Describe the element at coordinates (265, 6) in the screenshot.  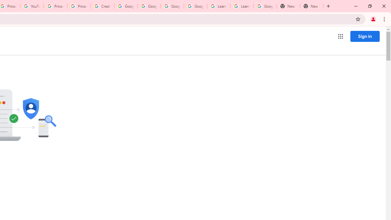
I see `'Google Account'` at that location.